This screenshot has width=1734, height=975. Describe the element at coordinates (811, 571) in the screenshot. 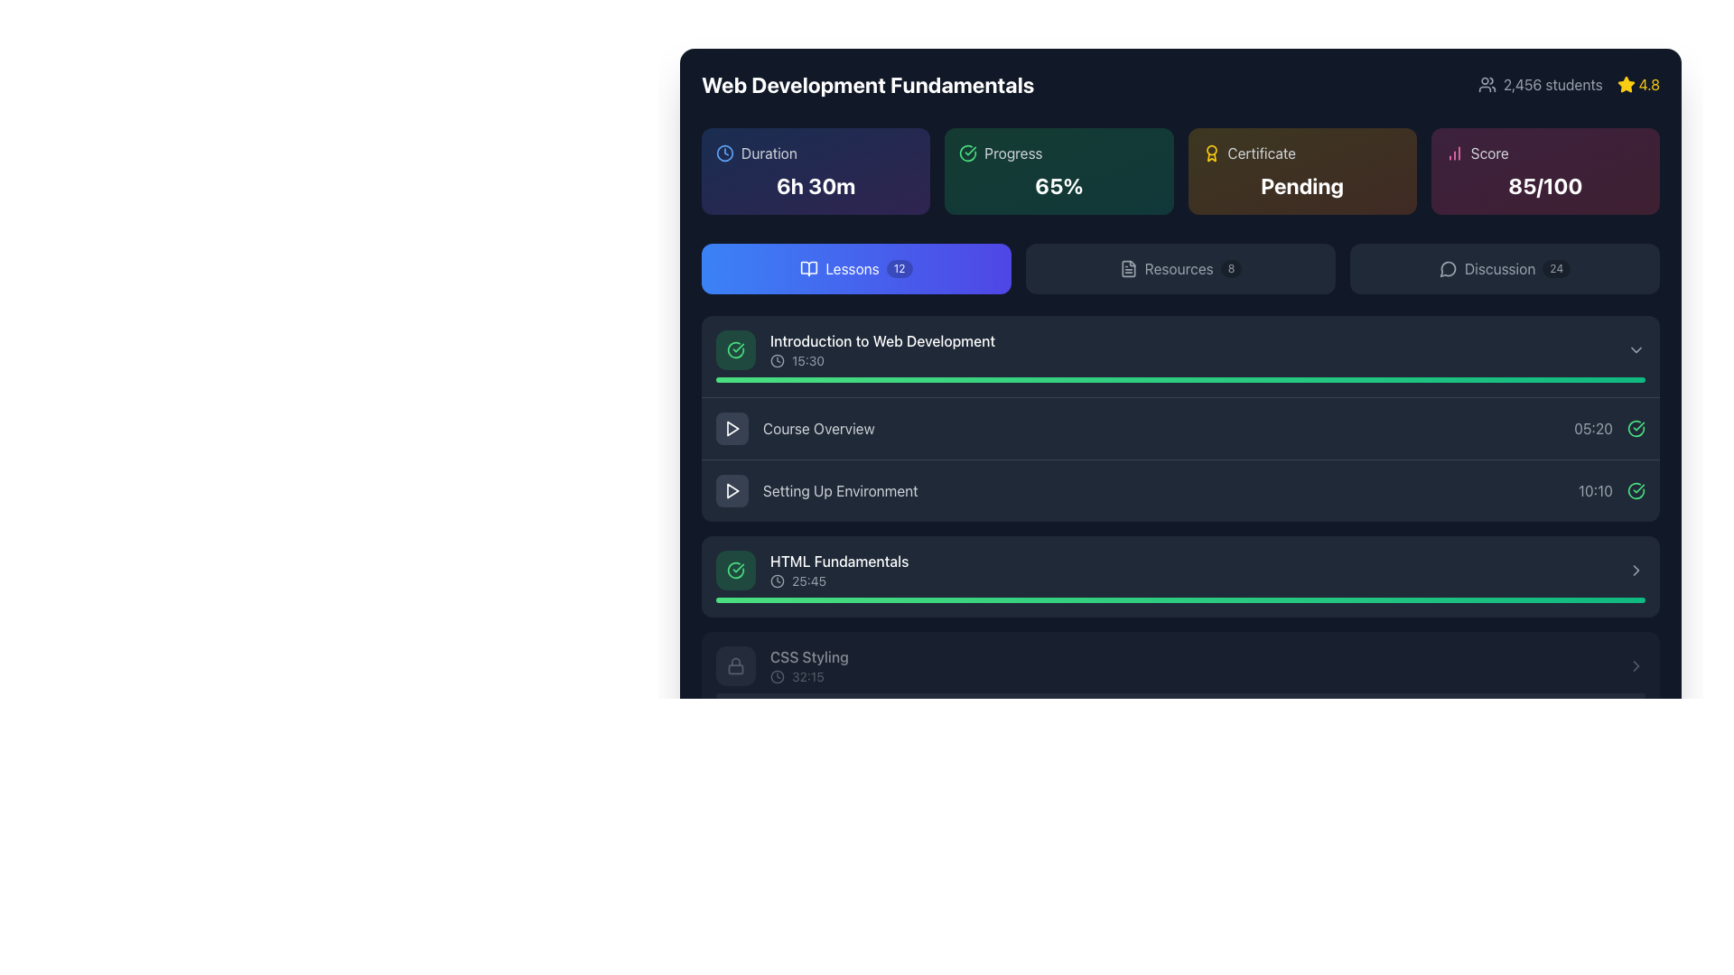

I see `the fourth lesson item in the 'Lessons' section, which displays the title and duration of the lesson along with a green check mark icon indicating completion status` at that location.